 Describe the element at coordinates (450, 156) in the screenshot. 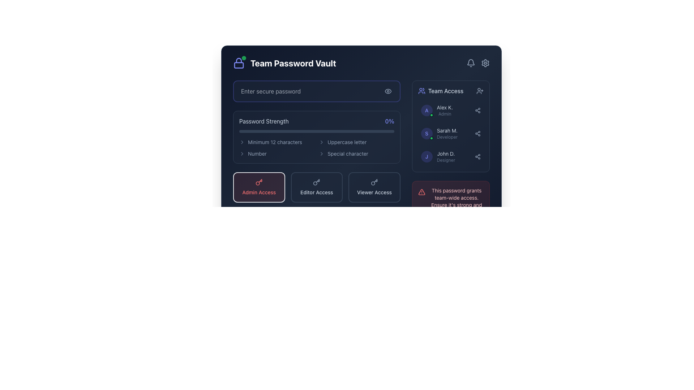

I see `the share icon associated with the user profile 'John D.' in the Team Access list` at that location.